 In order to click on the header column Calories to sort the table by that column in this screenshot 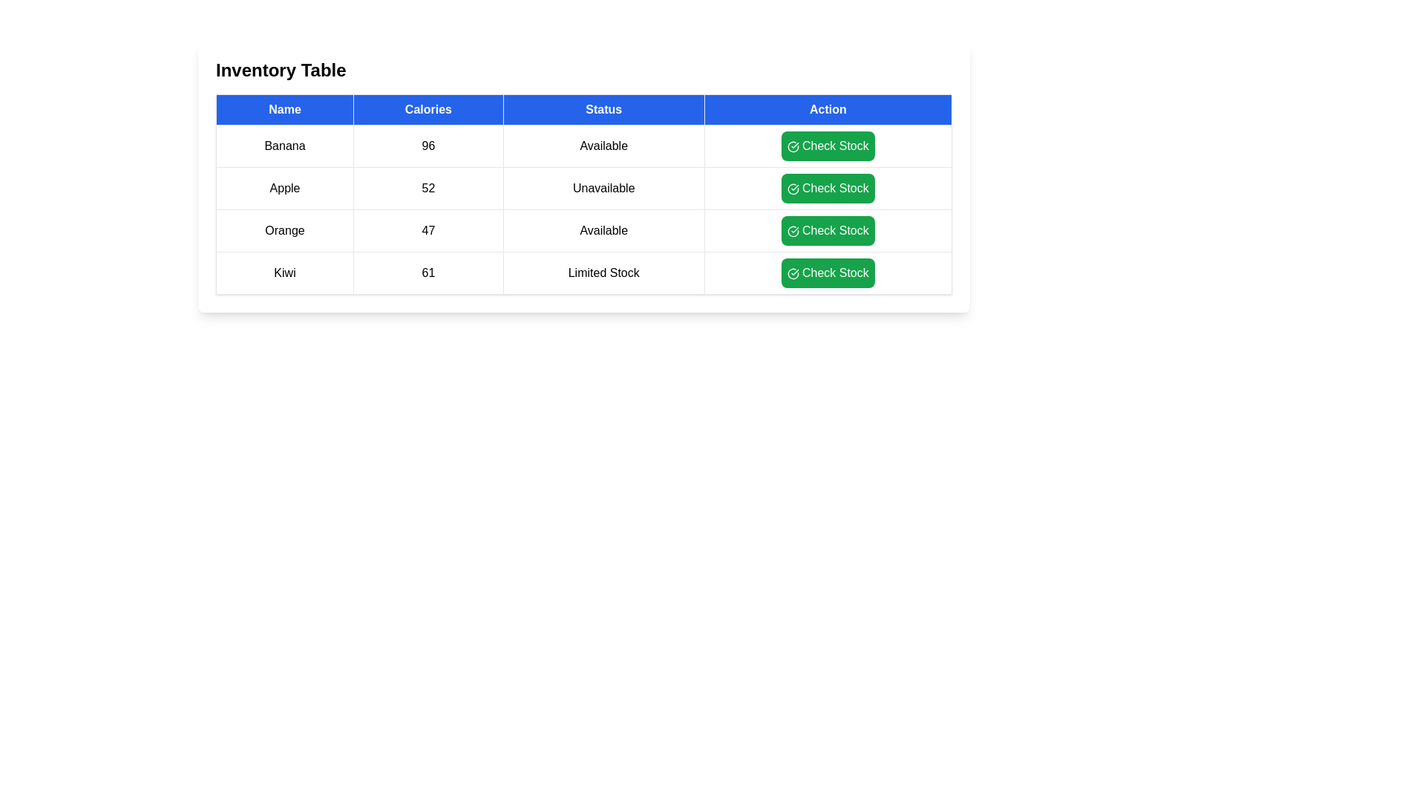, I will do `click(427, 108)`.